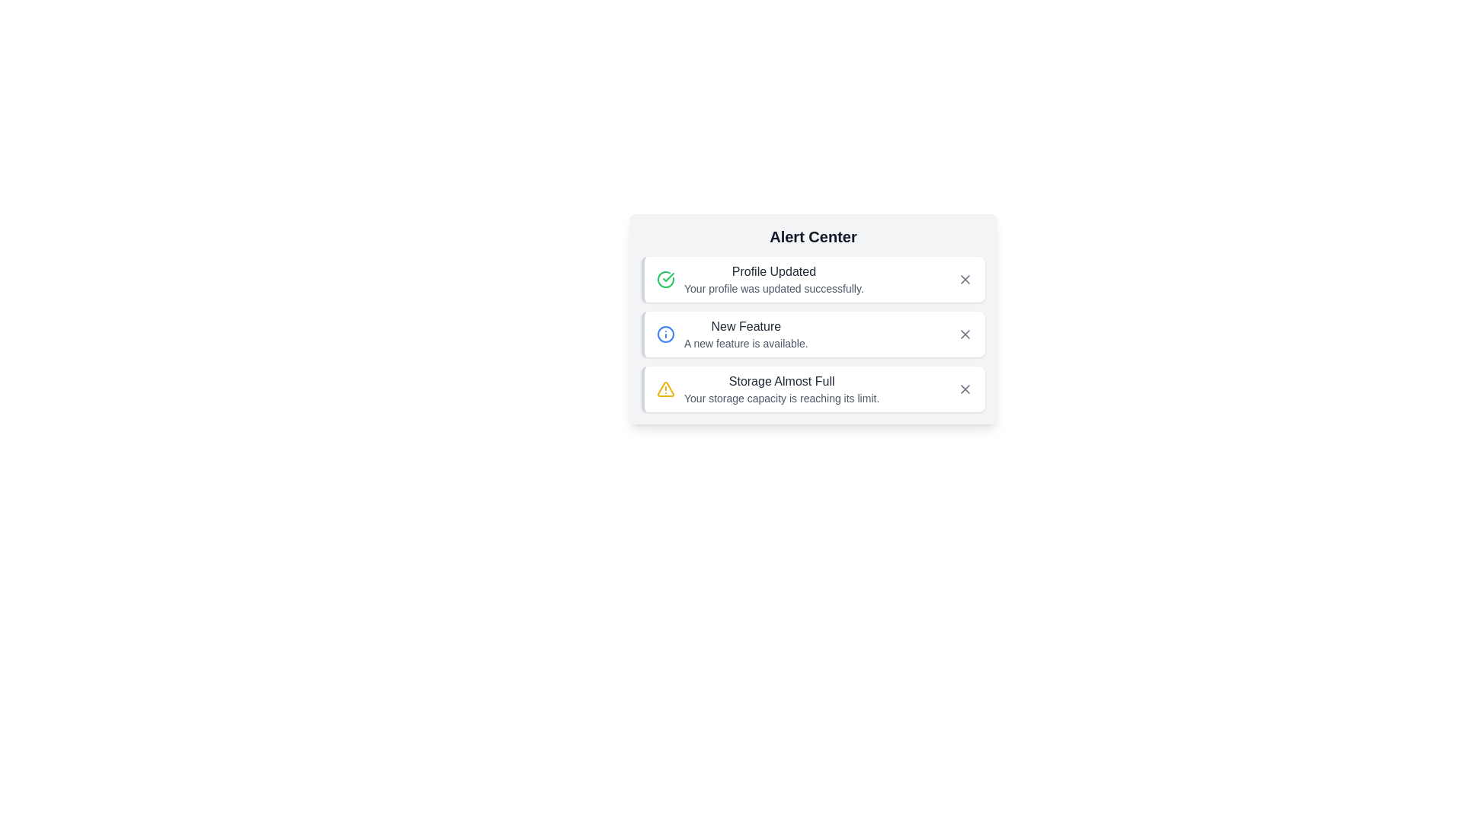 The height and width of the screenshot is (823, 1463). I want to click on the text label that informs the user about their storage capacity nearing its limit, located below the title 'Storage Almost Full.', so click(782, 398).